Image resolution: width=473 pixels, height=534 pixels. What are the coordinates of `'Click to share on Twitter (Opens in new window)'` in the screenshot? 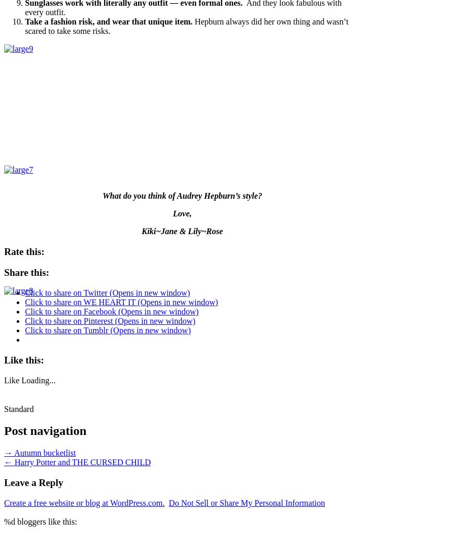 It's located at (107, 292).